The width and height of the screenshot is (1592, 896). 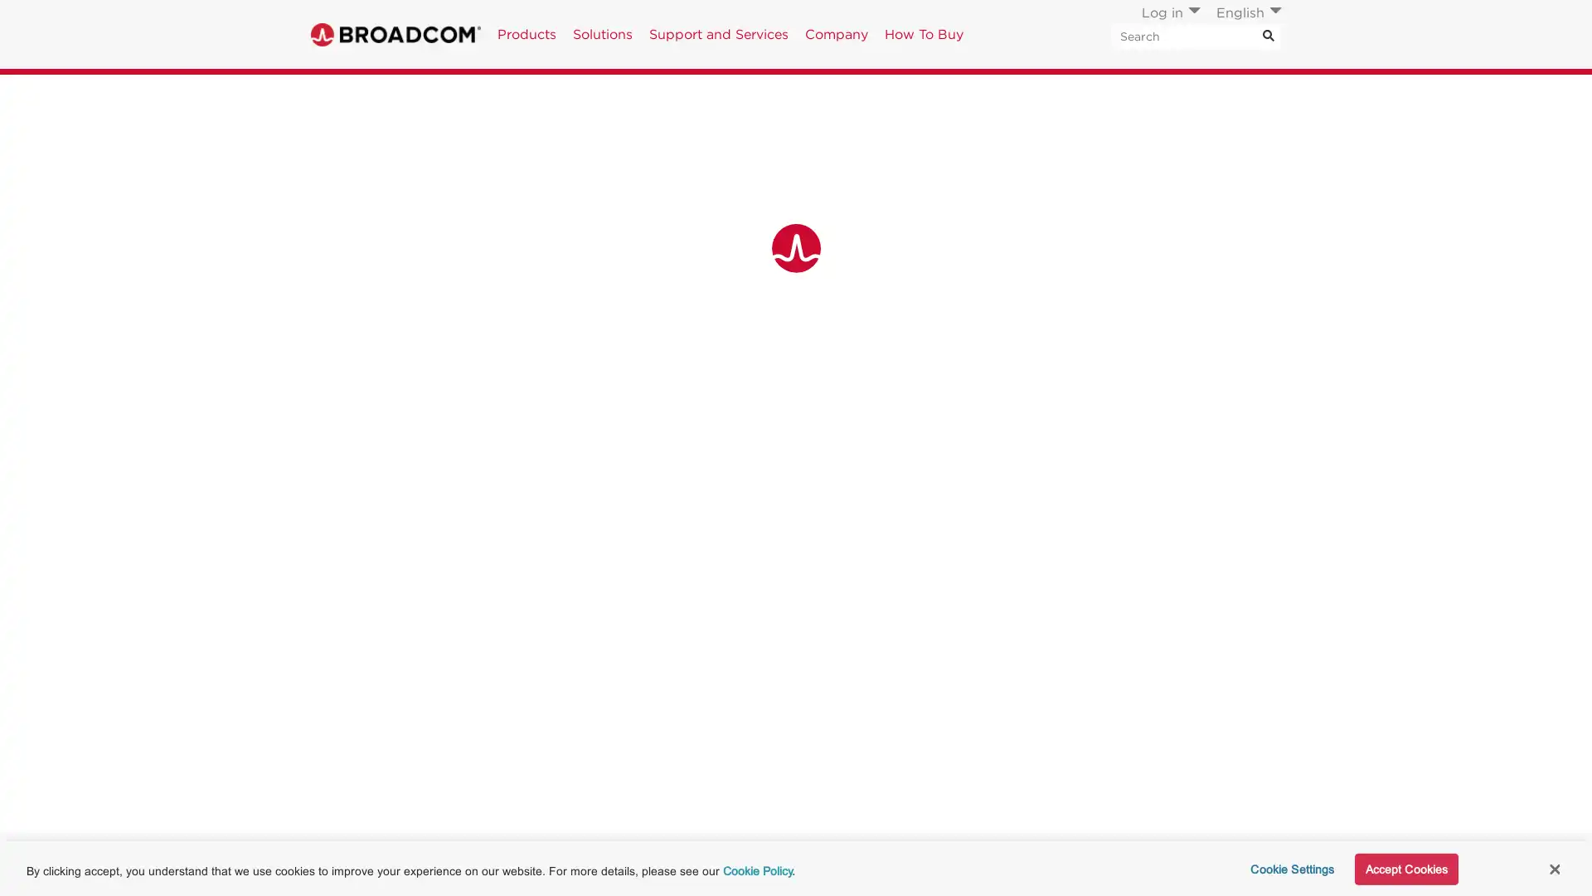 I want to click on Company, so click(x=836, y=34).